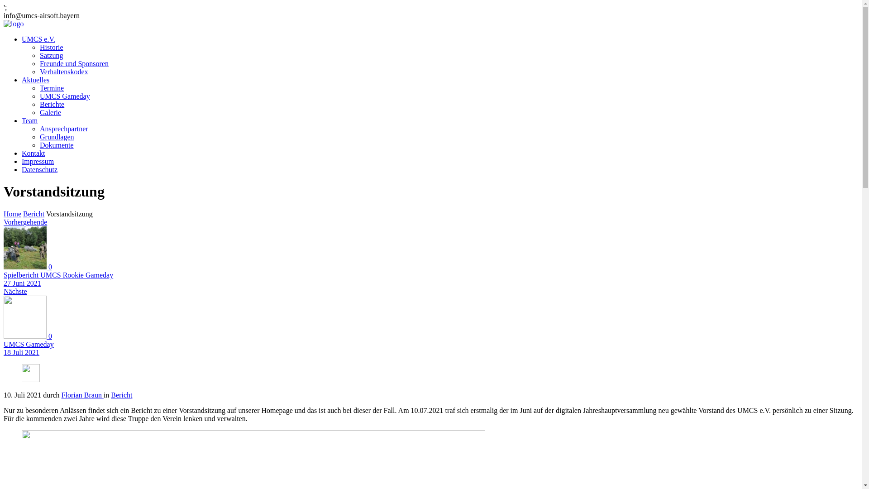 The height and width of the screenshot is (489, 869). Describe the element at coordinates (33, 214) in the screenshot. I see `'Bericht'` at that location.